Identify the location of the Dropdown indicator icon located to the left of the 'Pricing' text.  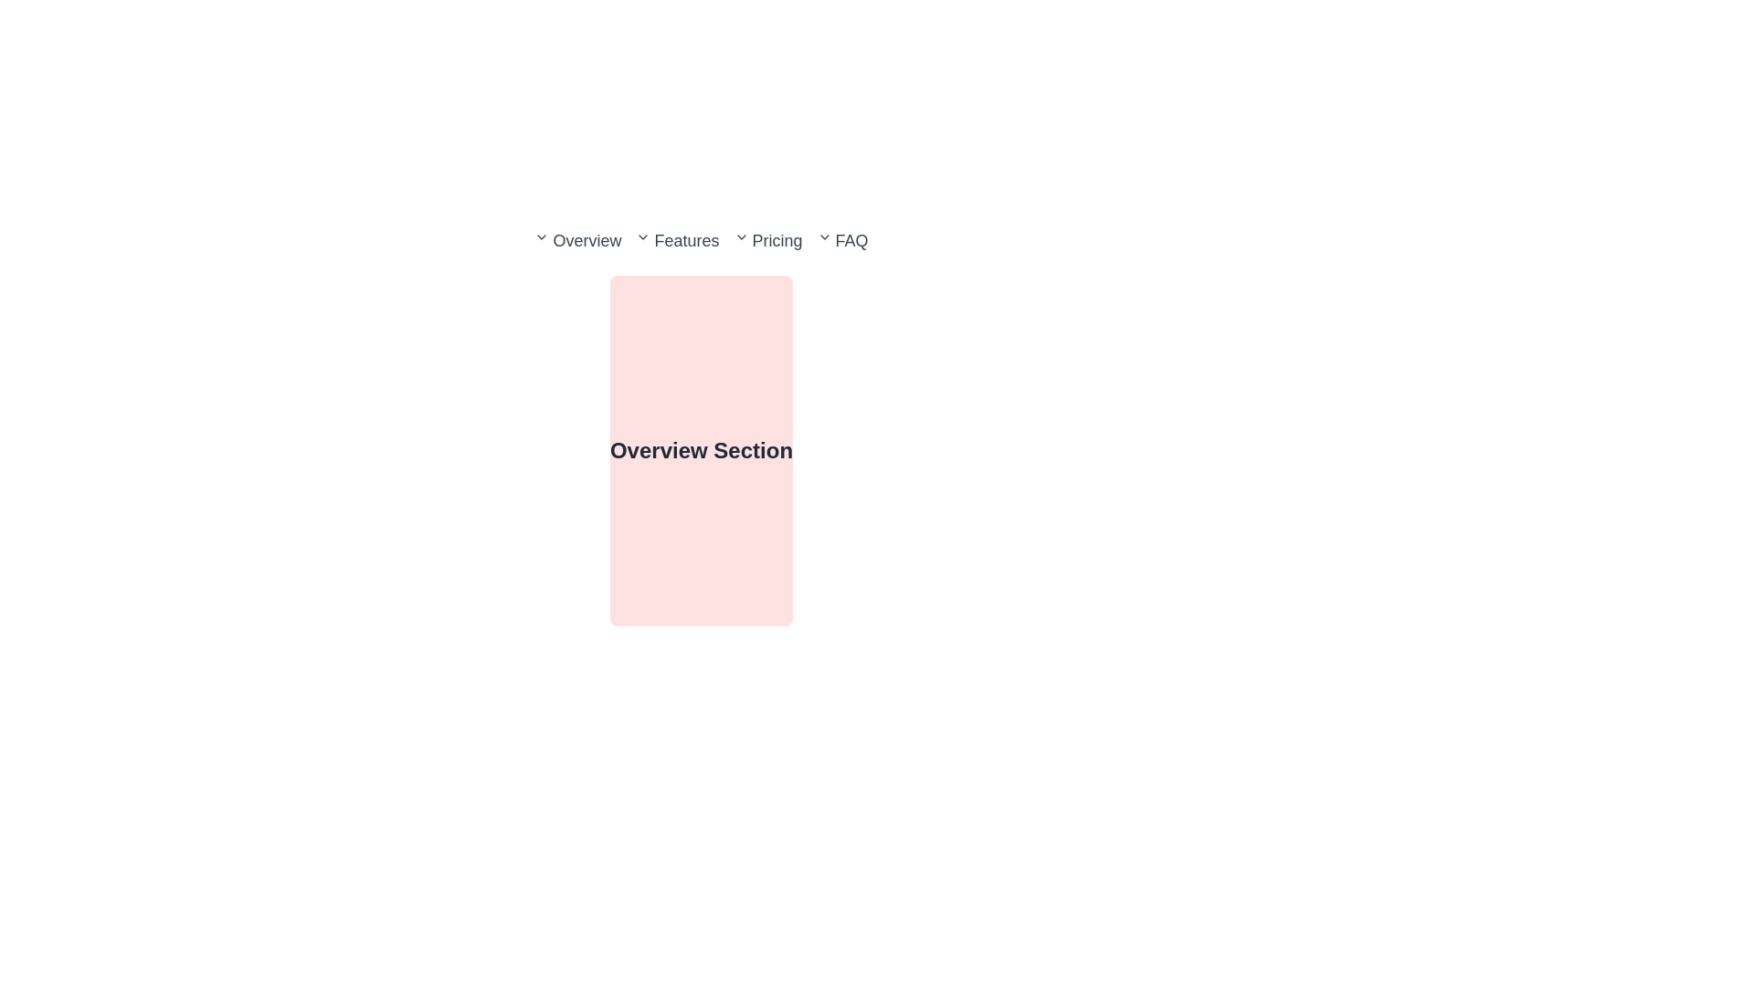
(741, 236).